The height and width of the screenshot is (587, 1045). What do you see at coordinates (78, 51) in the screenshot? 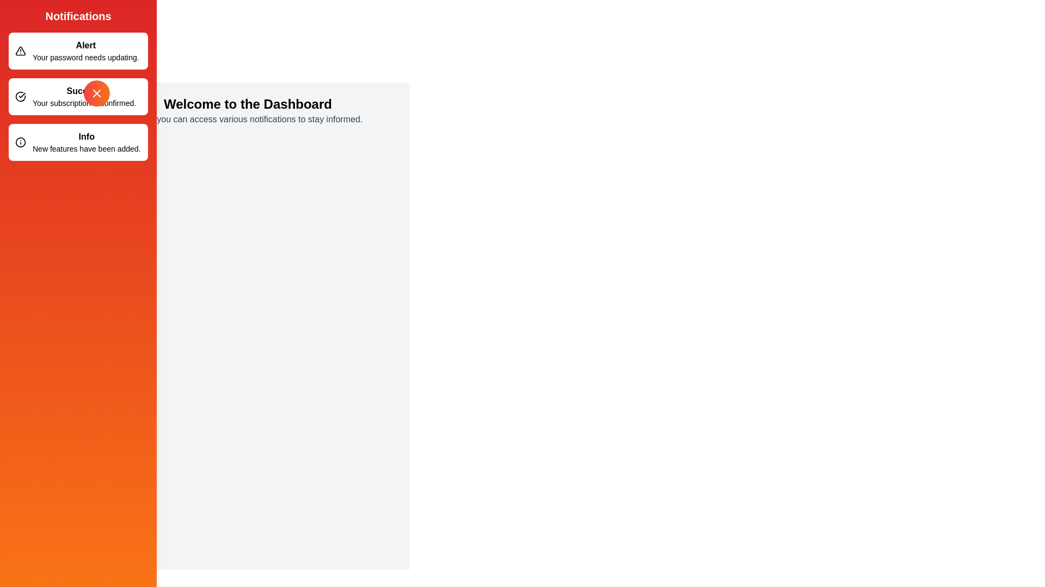
I see `the notification Alert` at bounding box center [78, 51].